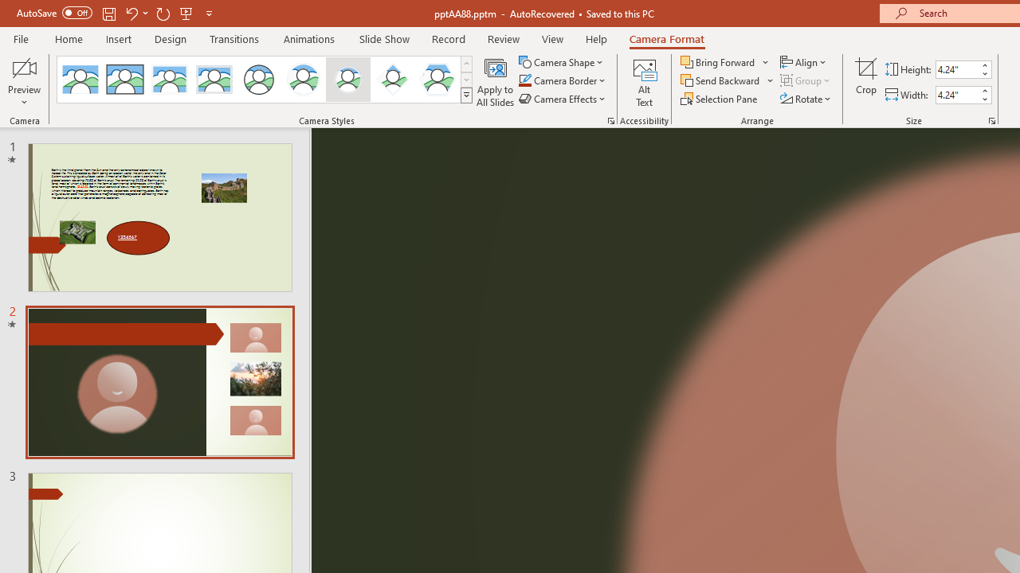  What do you see at coordinates (806, 99) in the screenshot?
I see `'Rotate'` at bounding box center [806, 99].